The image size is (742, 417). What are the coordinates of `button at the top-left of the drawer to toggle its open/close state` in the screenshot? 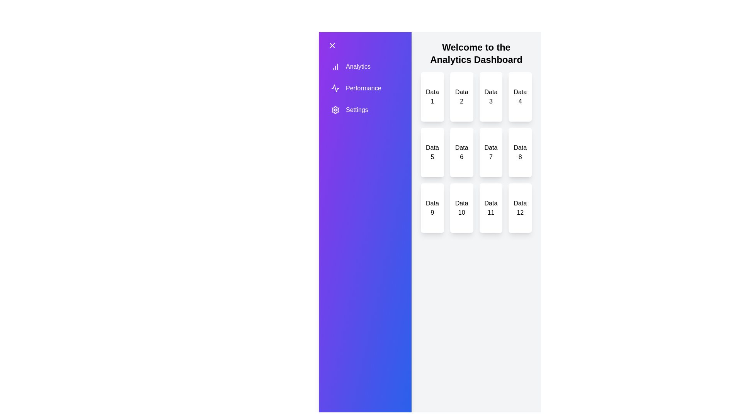 It's located at (332, 46).